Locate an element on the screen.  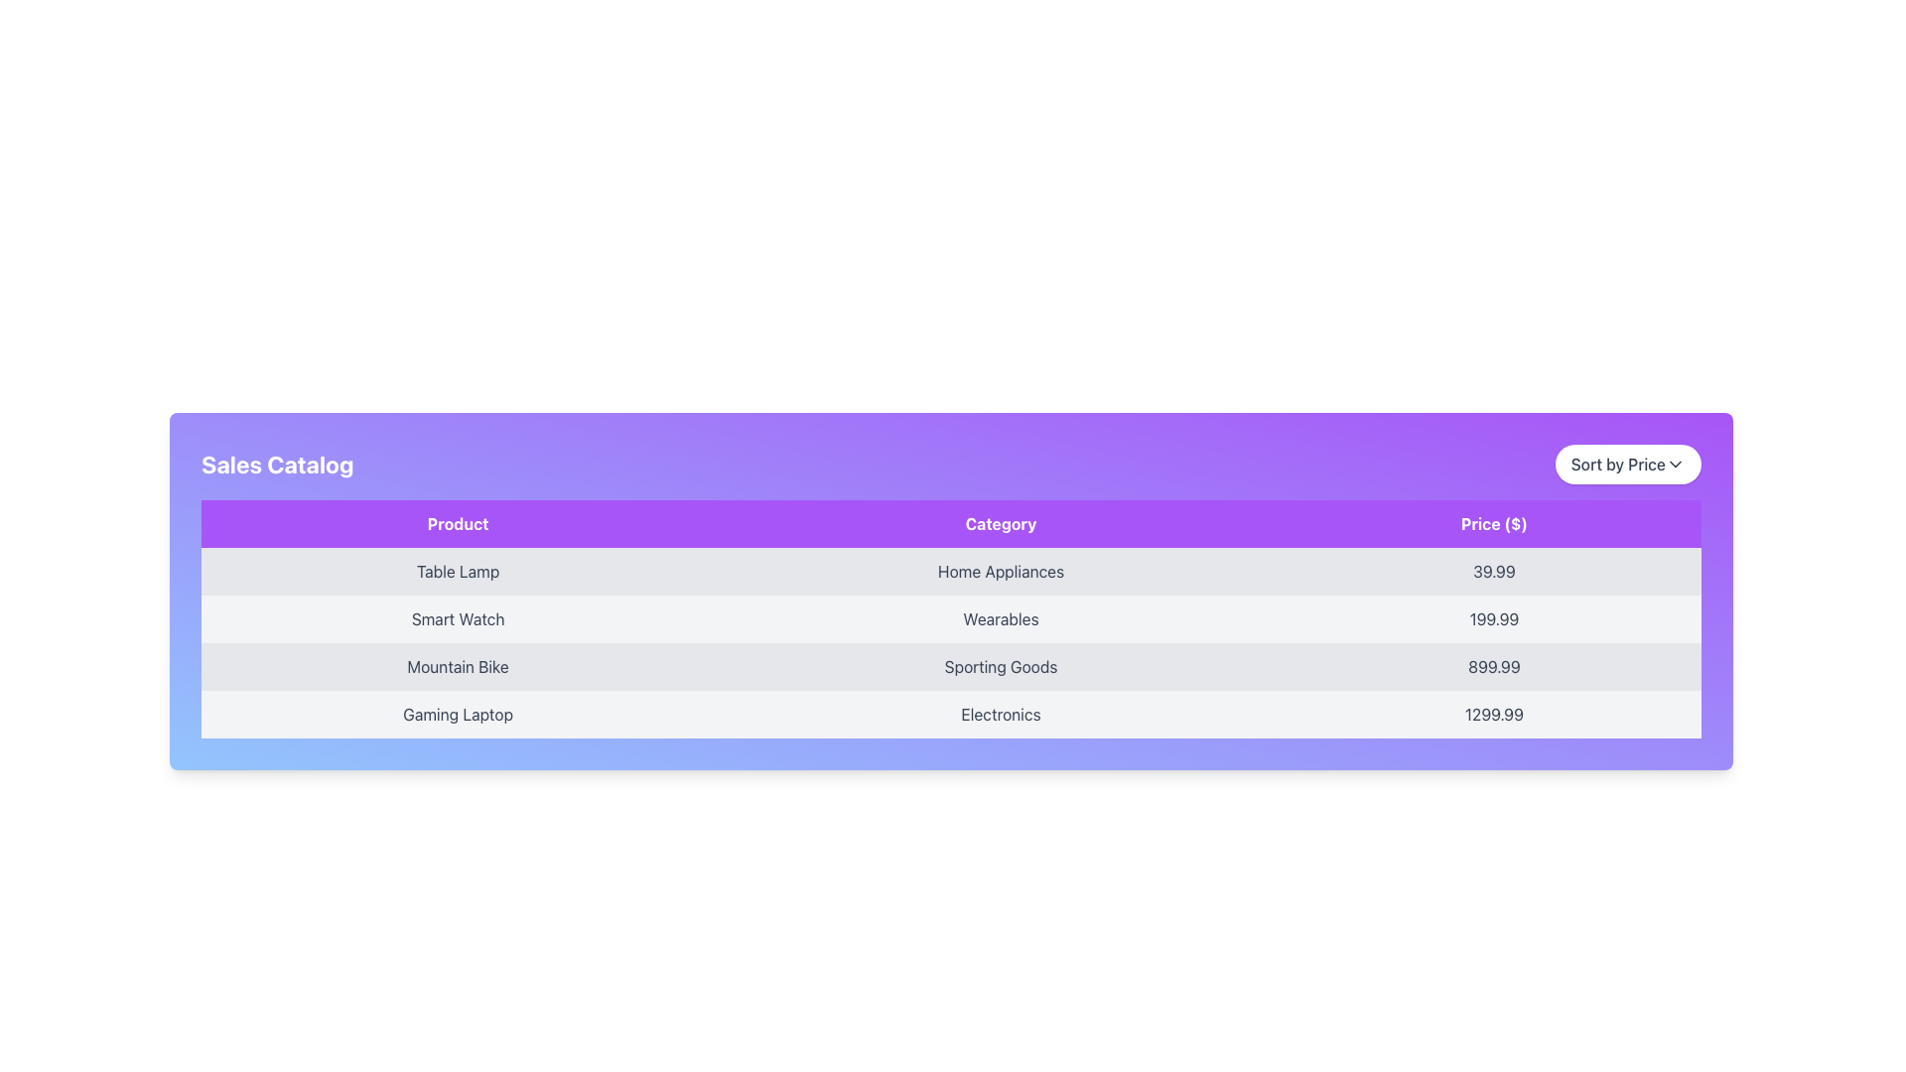
the 'Smart Watch' text label in the product table, located in the second row under the 'Product' column is located at coordinates (457, 618).